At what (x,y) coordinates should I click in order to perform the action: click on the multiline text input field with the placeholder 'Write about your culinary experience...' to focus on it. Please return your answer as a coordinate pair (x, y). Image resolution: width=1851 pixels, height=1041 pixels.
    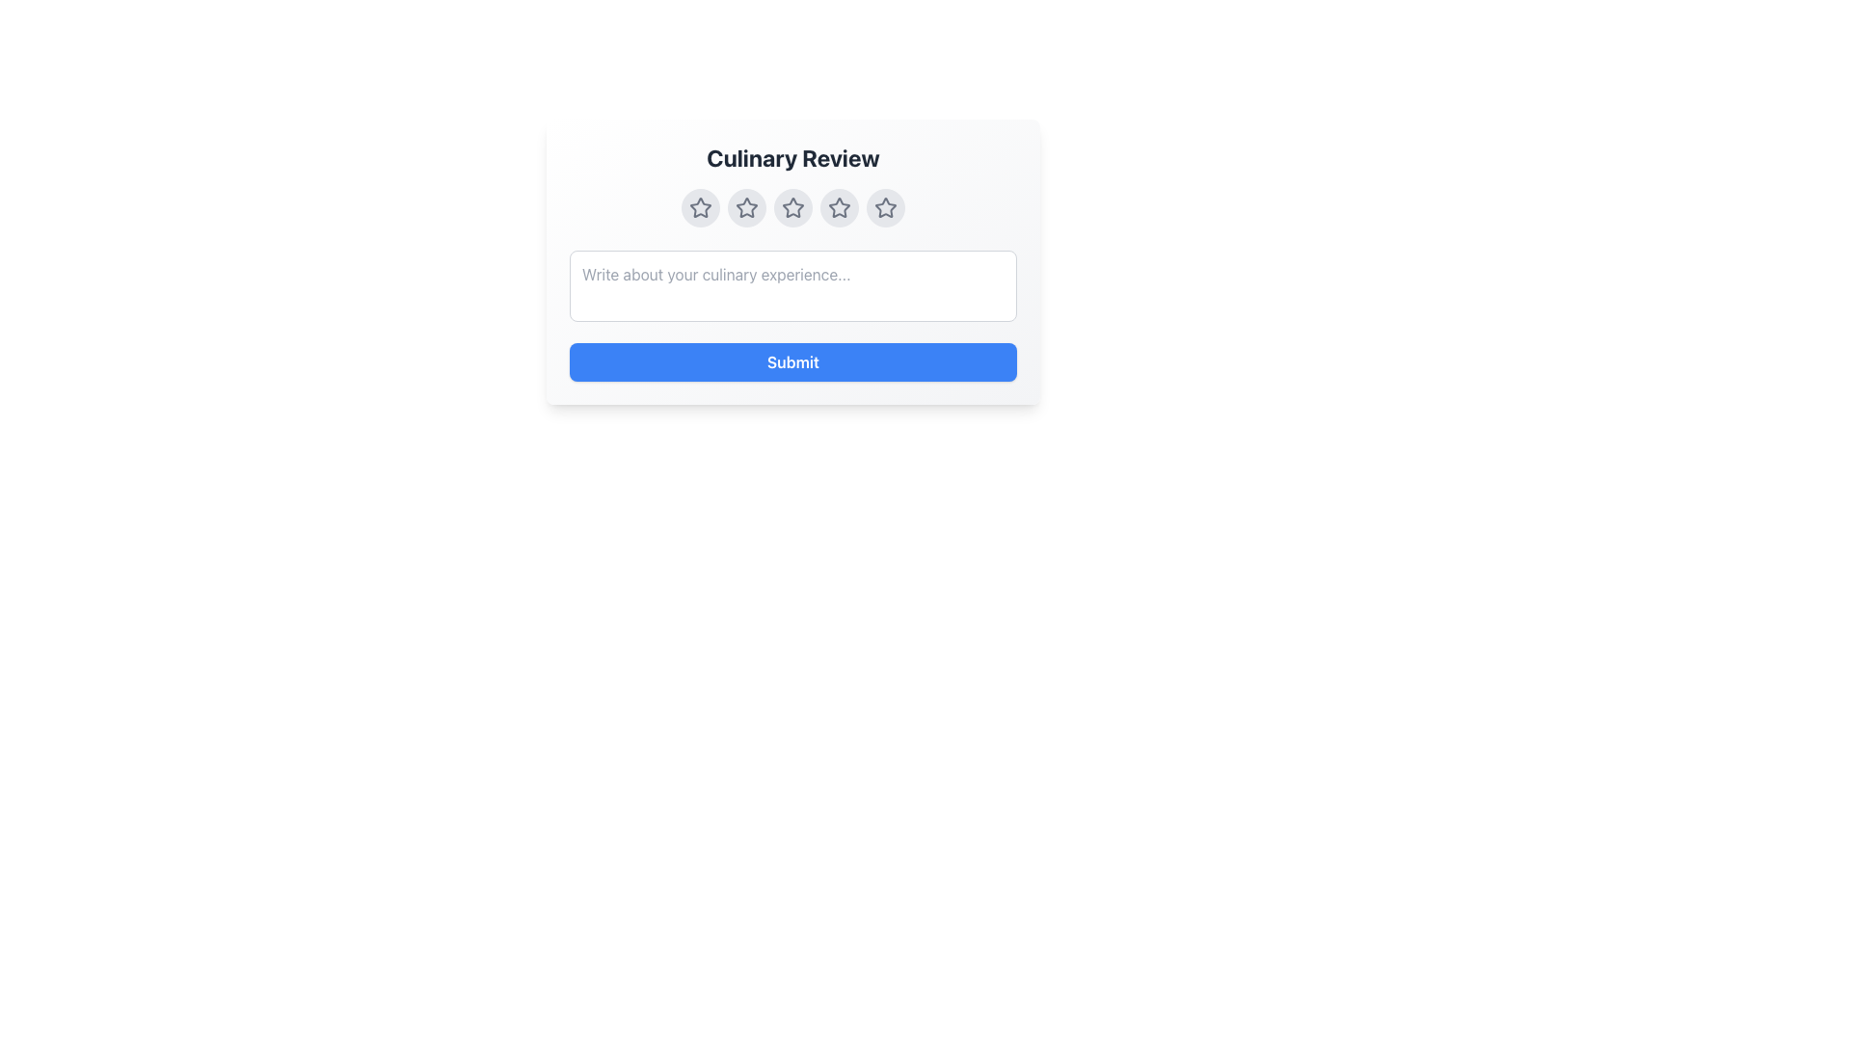
    Looking at the image, I should click on (792, 286).